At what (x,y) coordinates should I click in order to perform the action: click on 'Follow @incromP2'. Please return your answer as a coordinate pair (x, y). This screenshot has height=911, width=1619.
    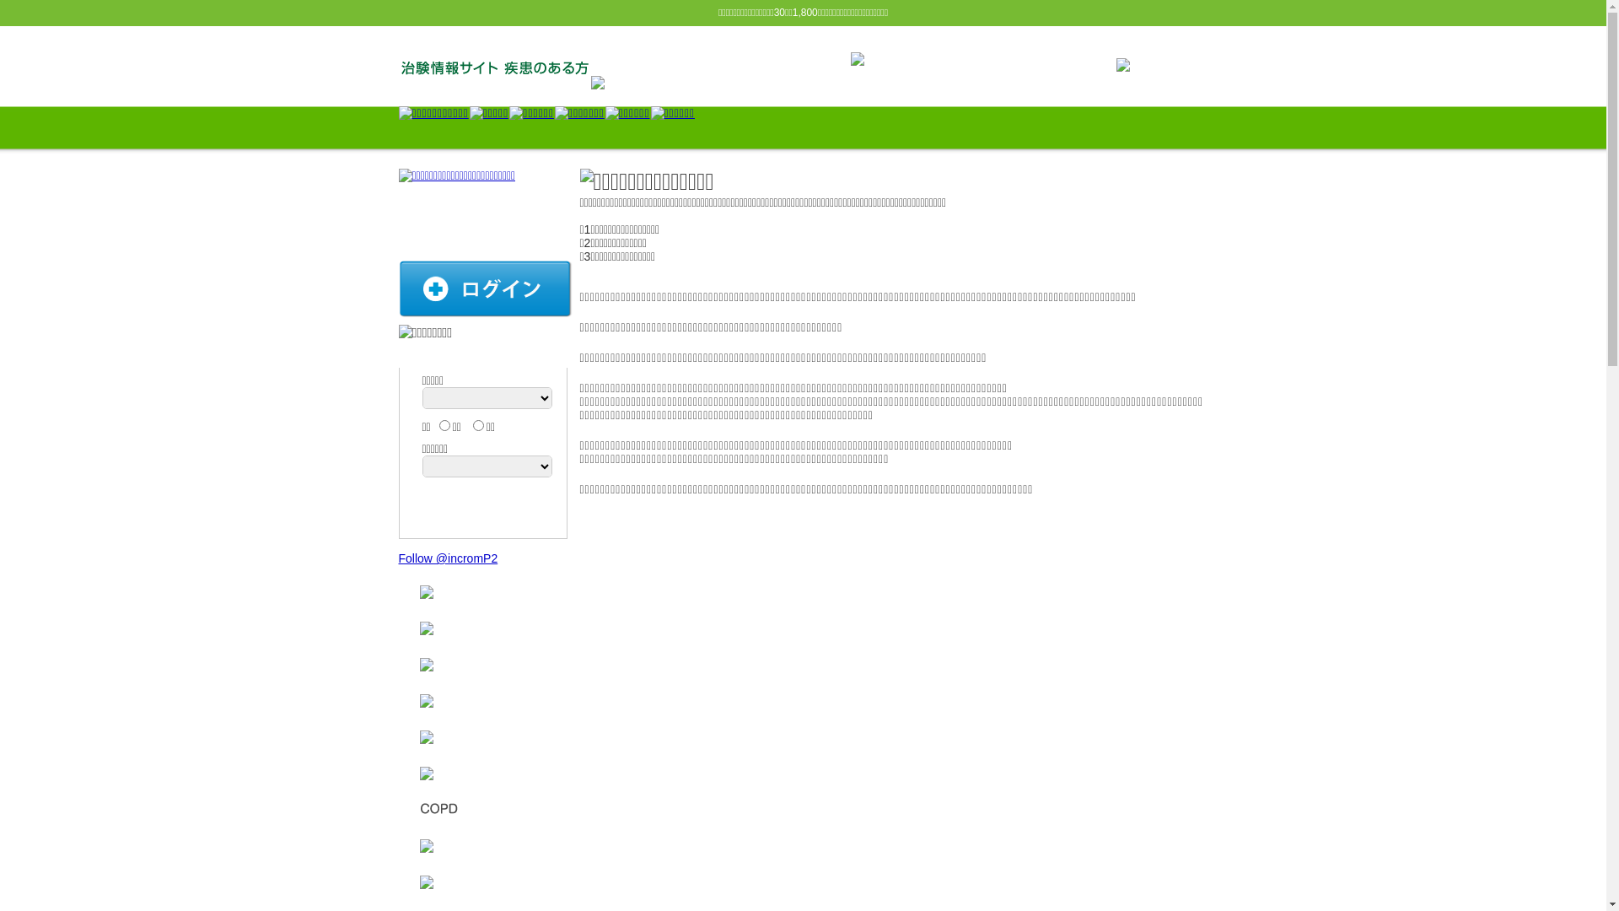
    Looking at the image, I should click on (448, 558).